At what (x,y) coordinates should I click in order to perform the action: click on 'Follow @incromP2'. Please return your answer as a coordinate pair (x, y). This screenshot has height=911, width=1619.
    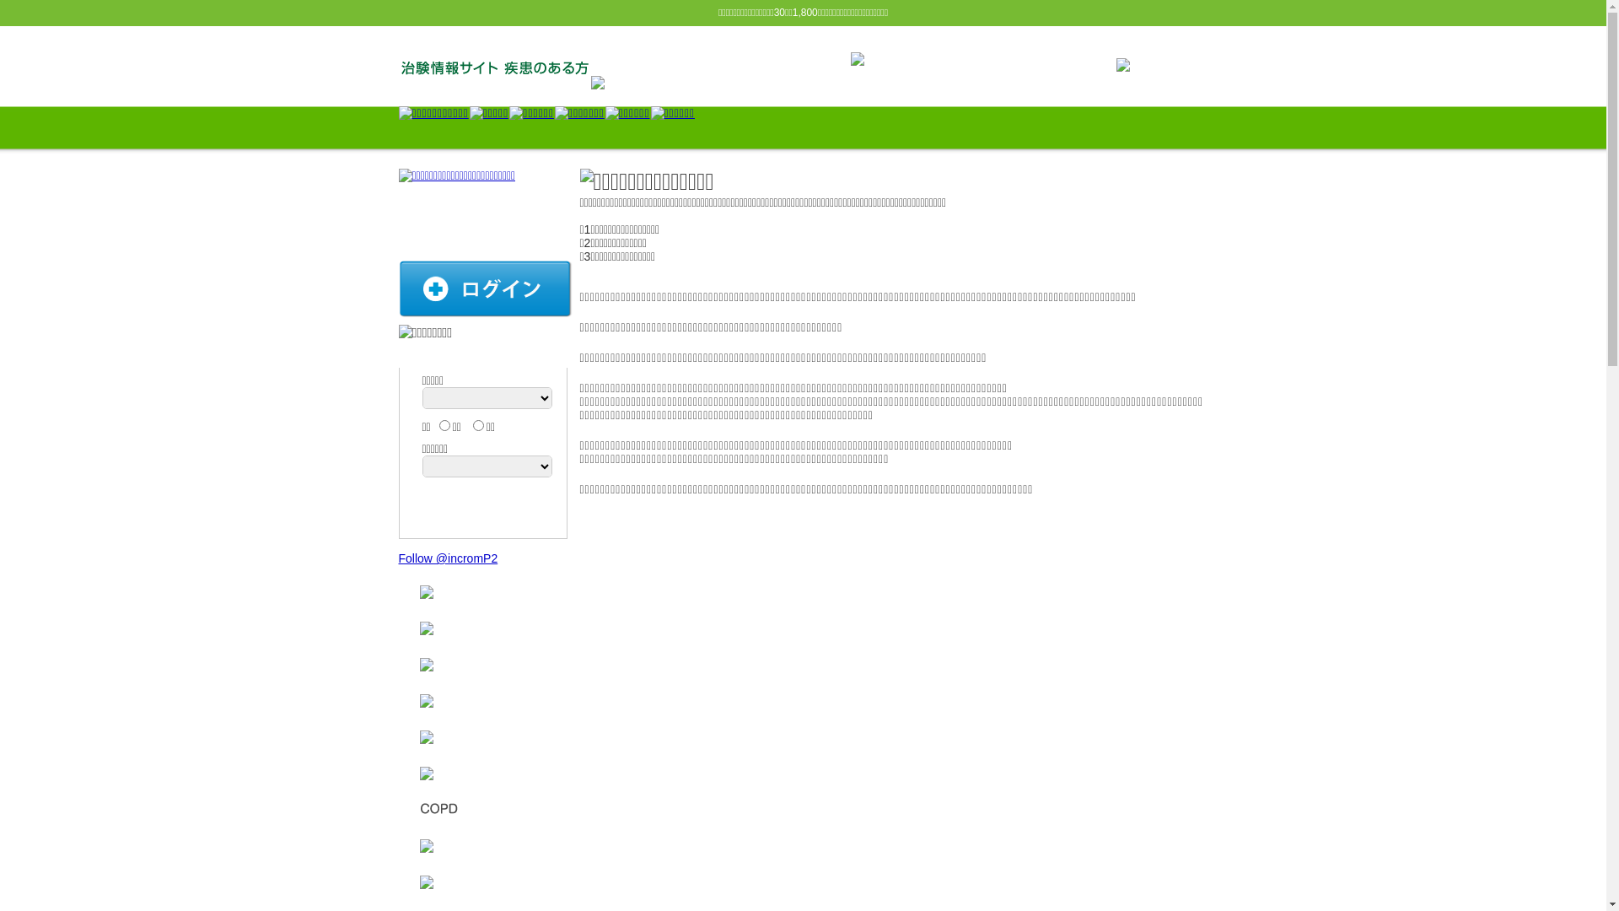
    Looking at the image, I should click on (448, 558).